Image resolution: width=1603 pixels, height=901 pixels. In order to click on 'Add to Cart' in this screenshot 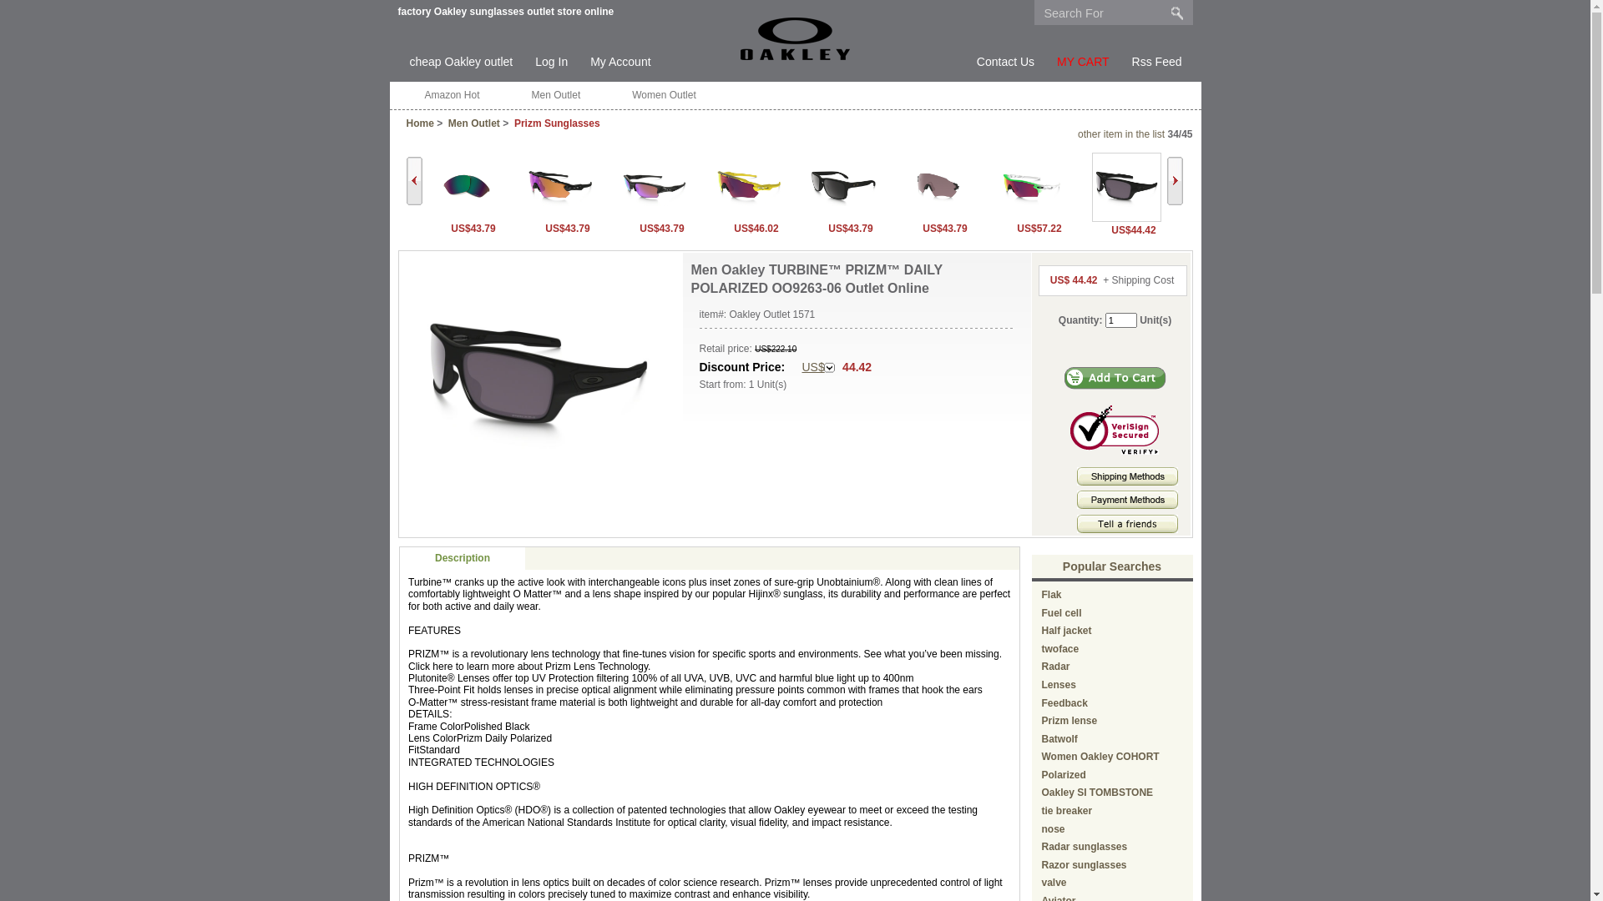, I will do `click(1115, 378)`.